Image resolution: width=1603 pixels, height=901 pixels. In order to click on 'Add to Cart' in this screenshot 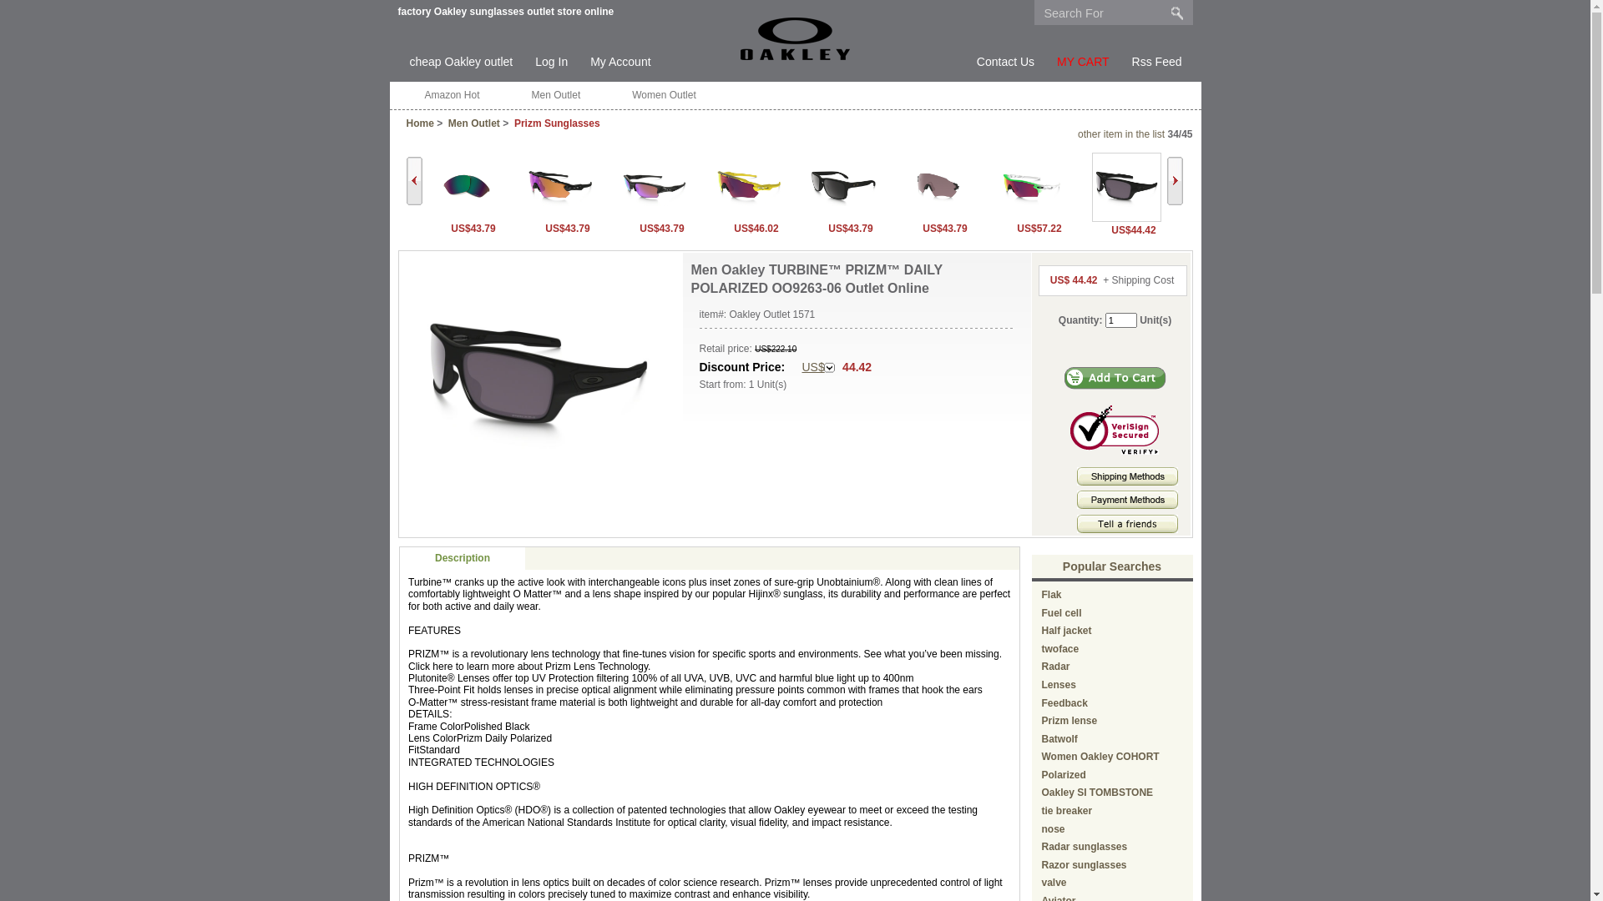, I will do `click(1115, 378)`.